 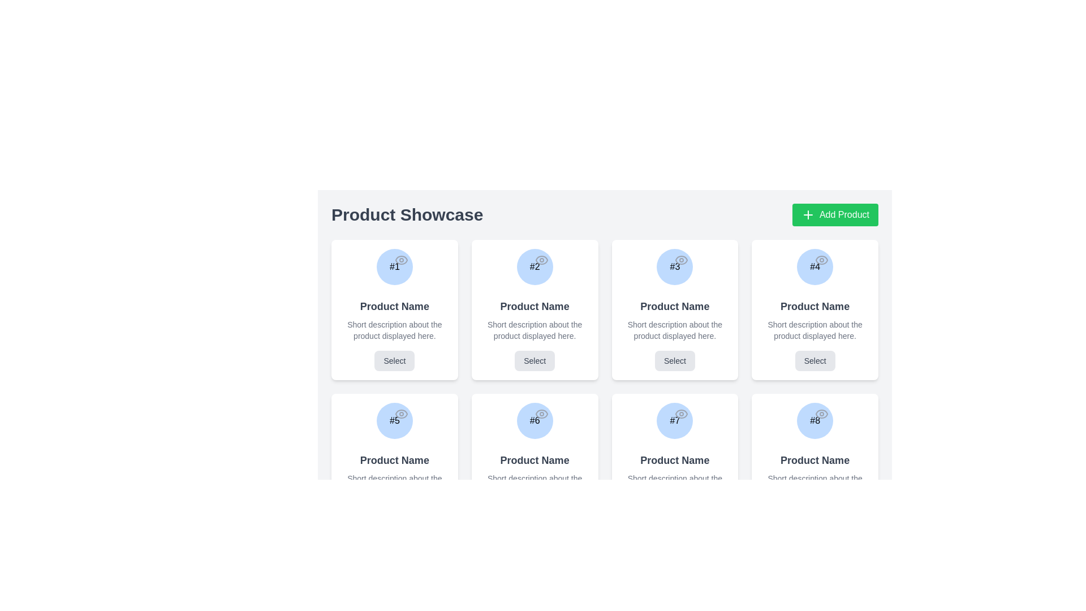 I want to click on the text label displaying '#3' within a circular badge, which is located at the top-center section of the interface, specifically the third badge from the left, so click(x=675, y=266).